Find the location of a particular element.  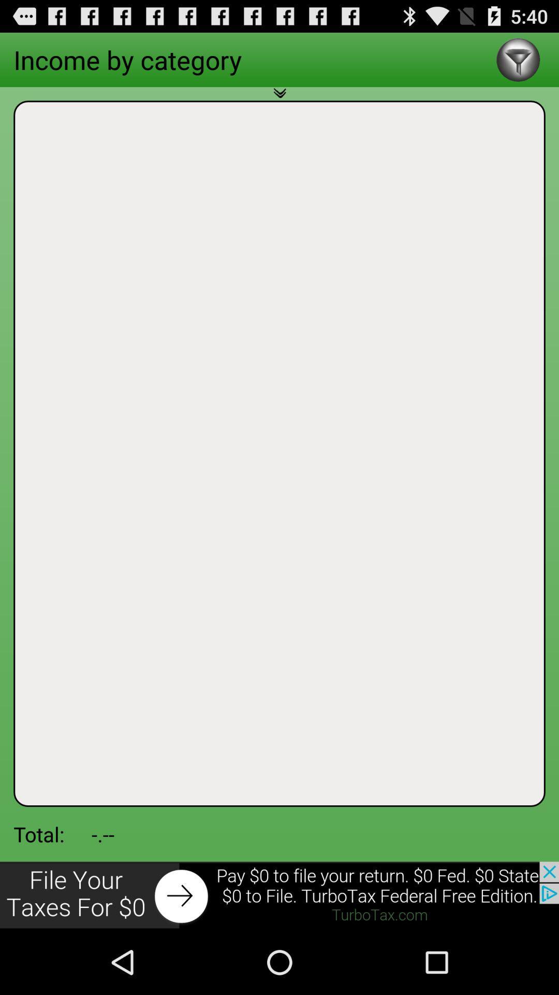

advertisement is located at coordinates (279, 895).